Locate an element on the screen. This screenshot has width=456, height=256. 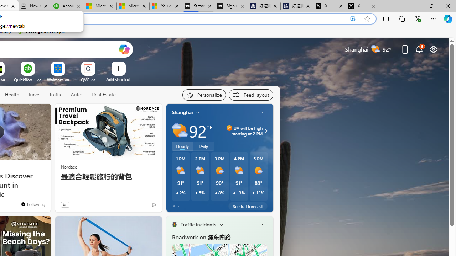
'Traffic' is located at coordinates (55, 94).